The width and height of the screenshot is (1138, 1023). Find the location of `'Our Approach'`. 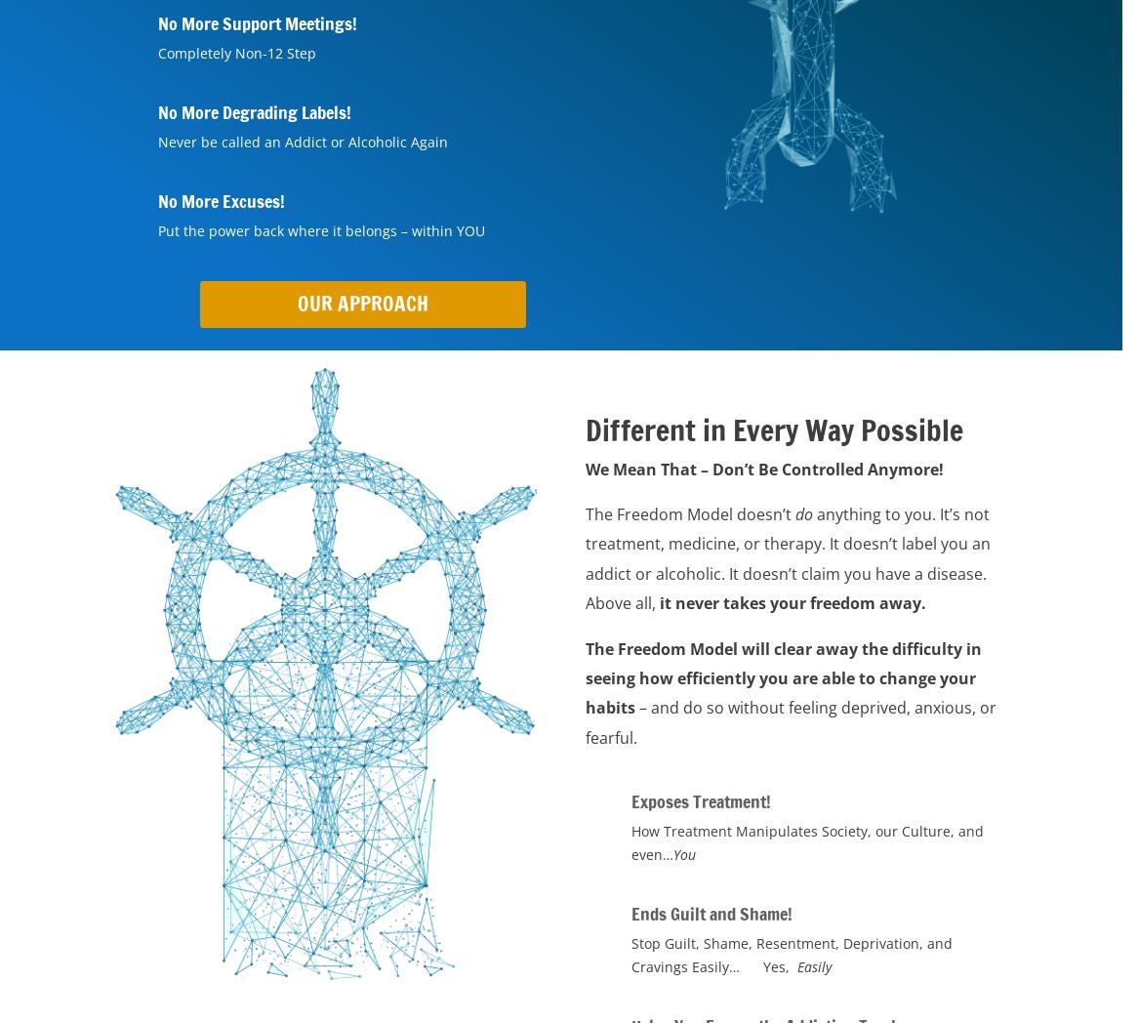

'Our Approach' is located at coordinates (362, 304).